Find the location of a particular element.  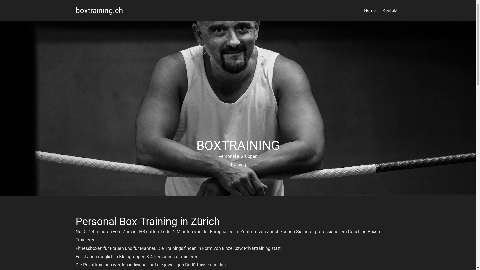

'Home' is located at coordinates (369, 10).